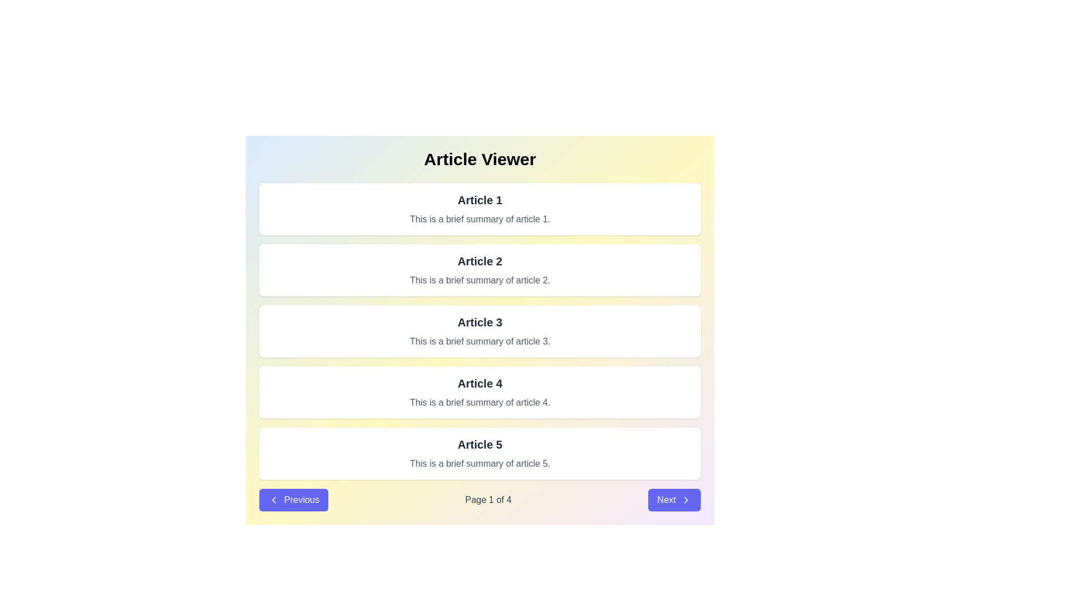  What do you see at coordinates (685, 499) in the screenshot?
I see `the 'Next' button located at the bottom-right corner of the interface, which visually indicates the transition to the next page or section` at bounding box center [685, 499].